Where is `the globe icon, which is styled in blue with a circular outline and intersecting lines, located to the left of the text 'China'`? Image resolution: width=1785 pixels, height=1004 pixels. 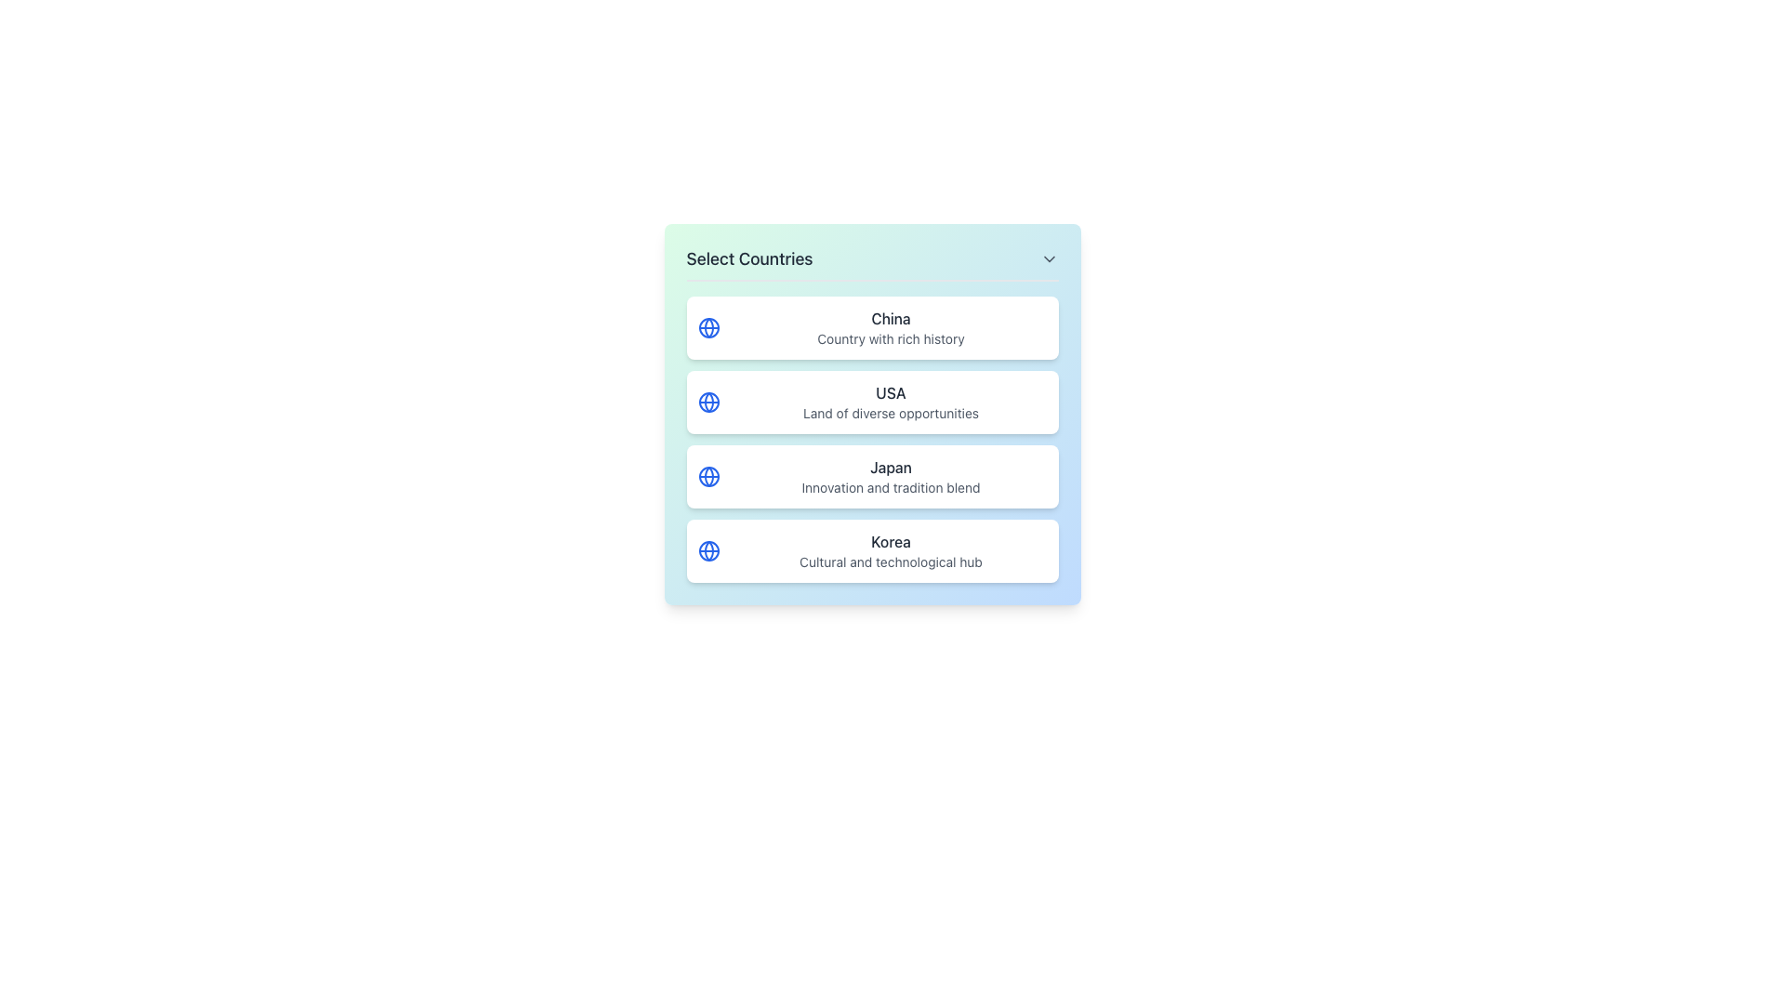
the globe icon, which is styled in blue with a circular outline and intersecting lines, located to the left of the text 'China' is located at coordinates (707, 327).